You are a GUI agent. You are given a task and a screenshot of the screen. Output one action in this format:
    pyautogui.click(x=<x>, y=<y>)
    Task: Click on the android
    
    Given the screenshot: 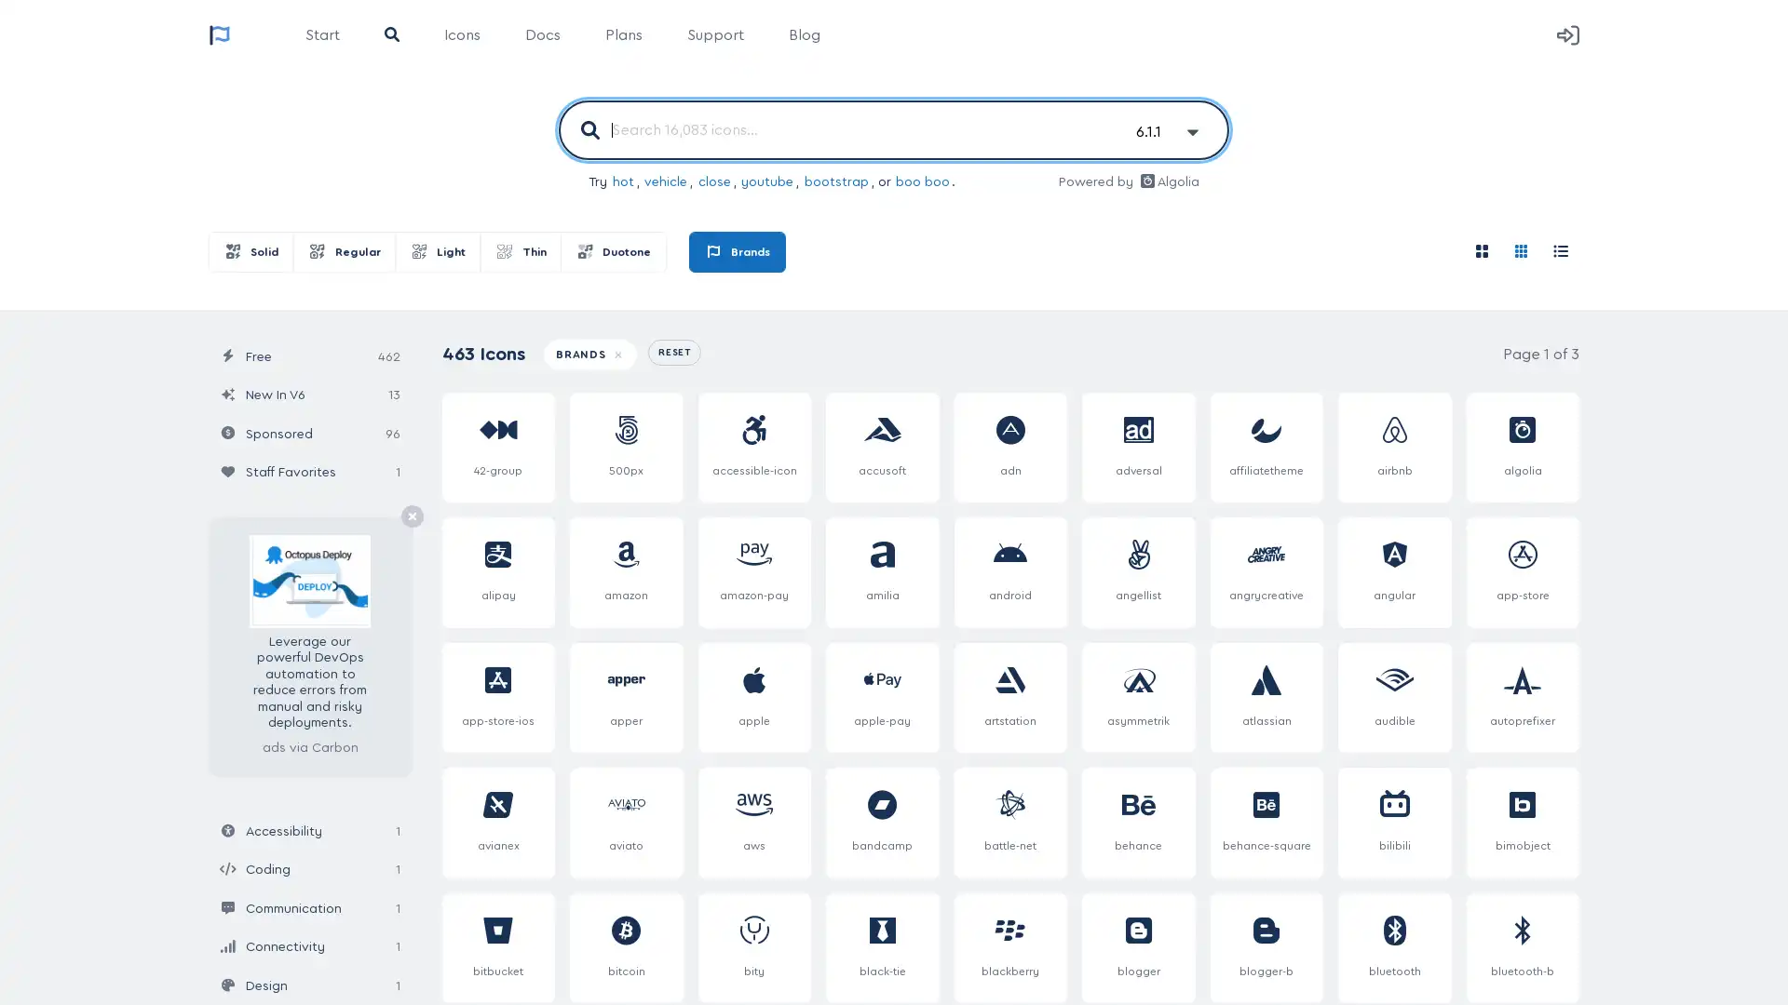 What is the action you would take?
    pyautogui.click(x=1009, y=583)
    